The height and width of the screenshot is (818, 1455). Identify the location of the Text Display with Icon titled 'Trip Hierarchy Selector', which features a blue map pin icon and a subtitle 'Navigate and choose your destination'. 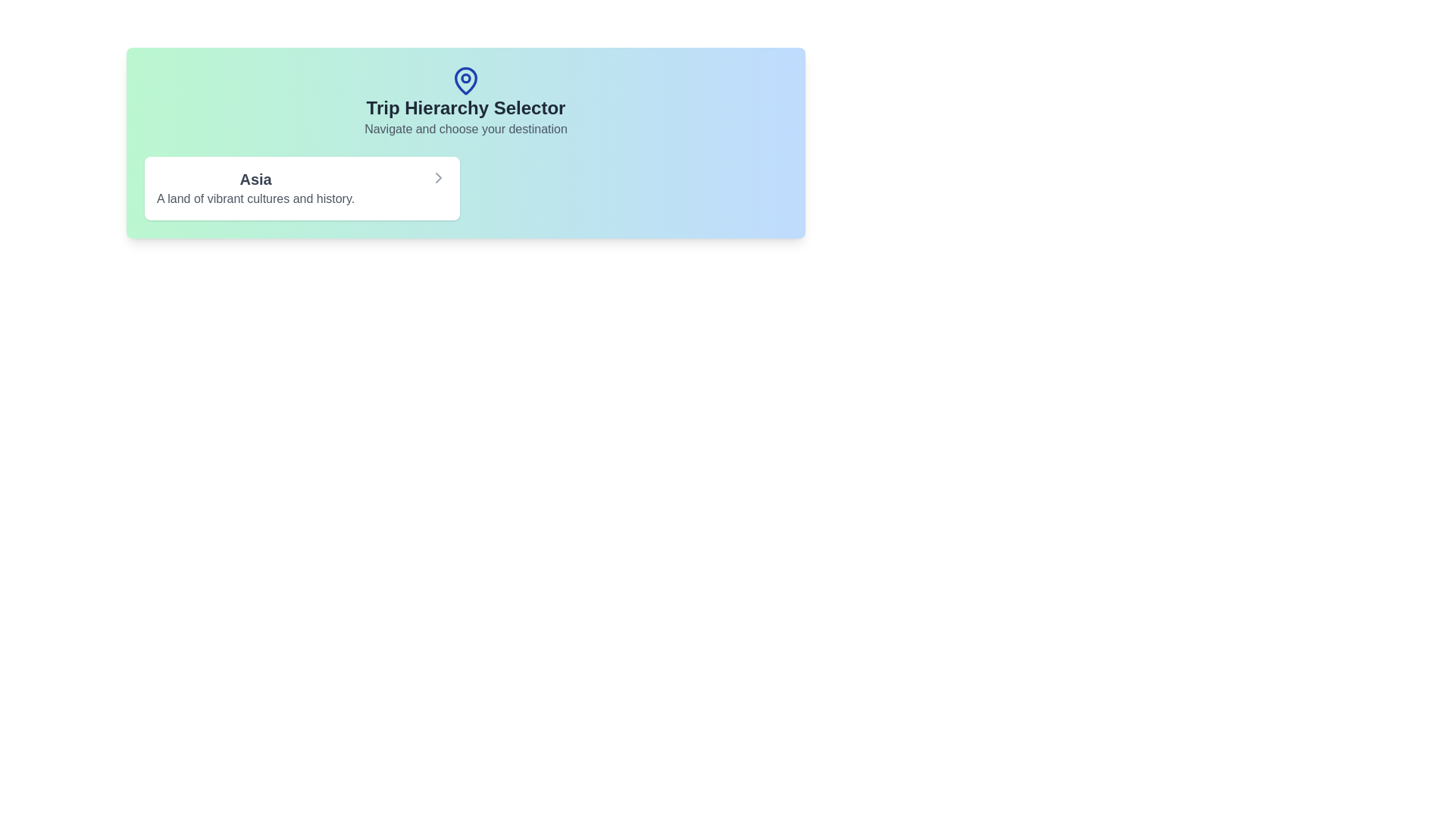
(465, 102).